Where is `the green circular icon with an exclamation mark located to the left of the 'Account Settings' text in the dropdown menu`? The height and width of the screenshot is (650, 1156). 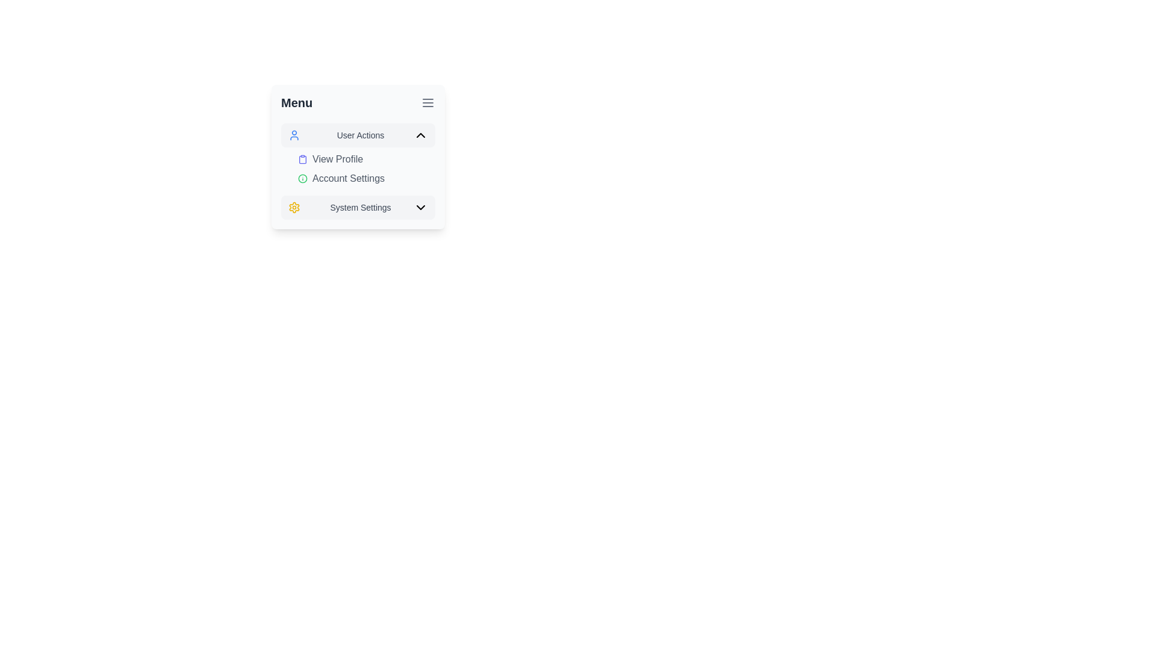 the green circular icon with an exclamation mark located to the left of the 'Account Settings' text in the dropdown menu is located at coordinates (303, 179).